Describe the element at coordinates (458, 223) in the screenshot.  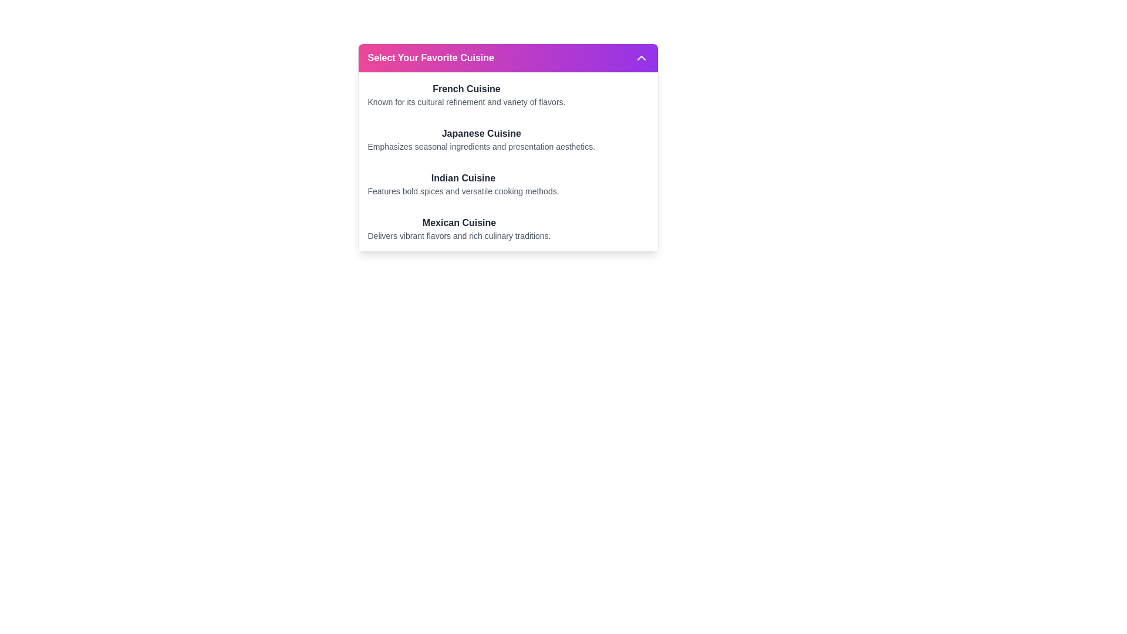
I see `the adjacent area next to the text label denoting the title of the last cuisine option in the list, which is positioned above the descriptive text about vibrant flavors and culinary traditions` at that location.